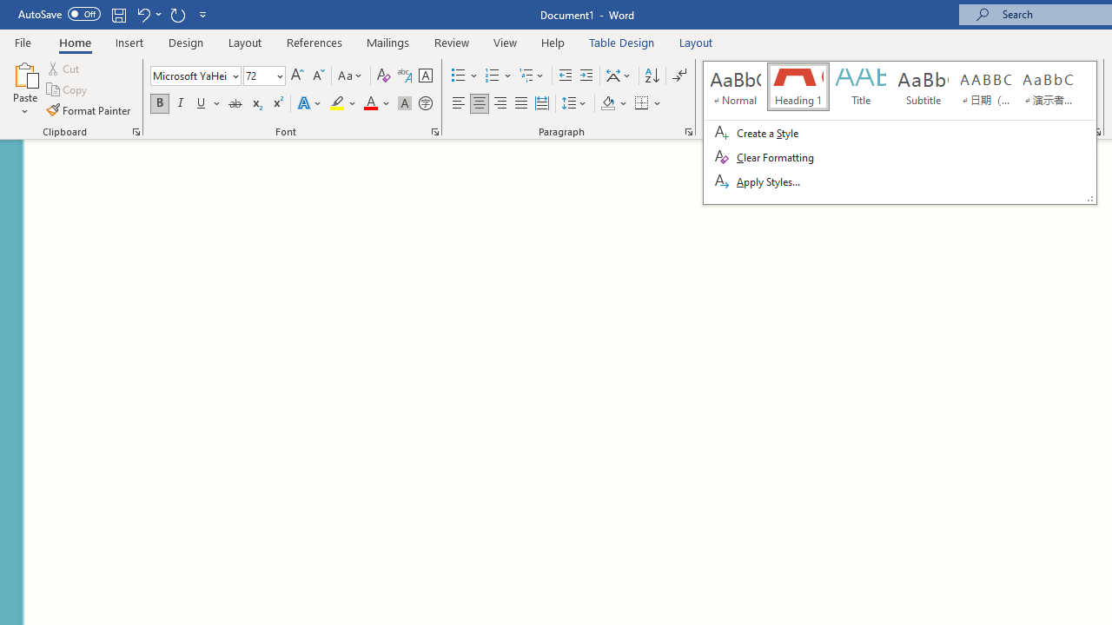 This screenshot has height=625, width=1112. I want to click on 'Change Case', so click(350, 75).